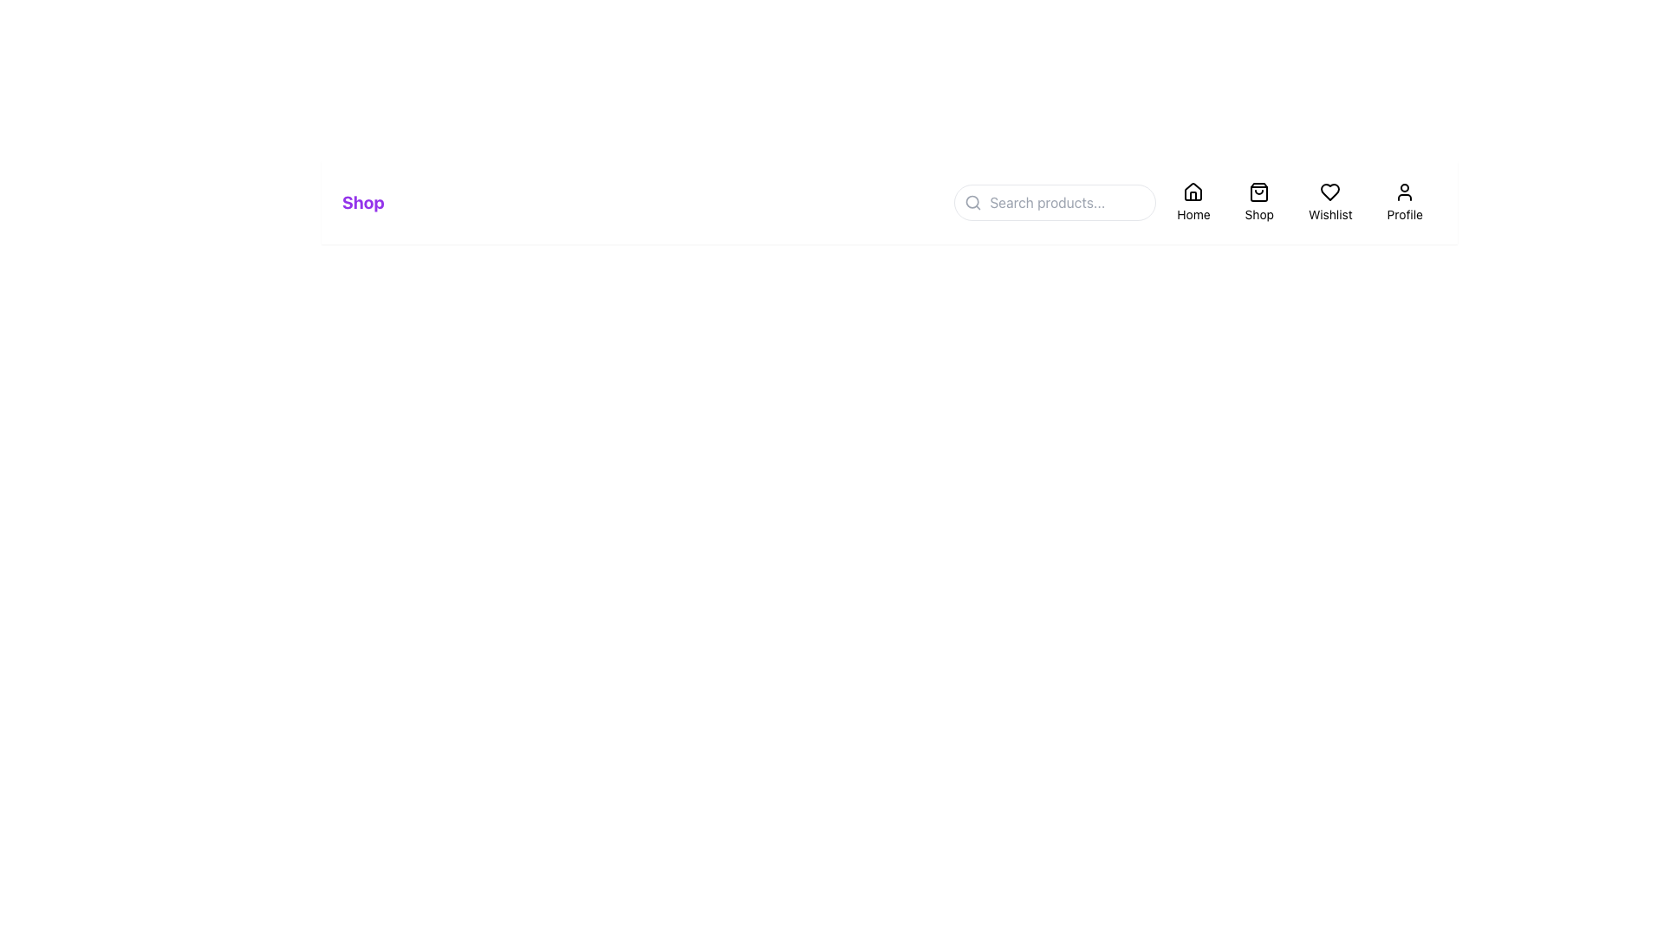 The width and height of the screenshot is (1664, 936). Describe the element at coordinates (1259, 192) in the screenshot. I see `the shopping bag icon in the navigation menu` at that location.